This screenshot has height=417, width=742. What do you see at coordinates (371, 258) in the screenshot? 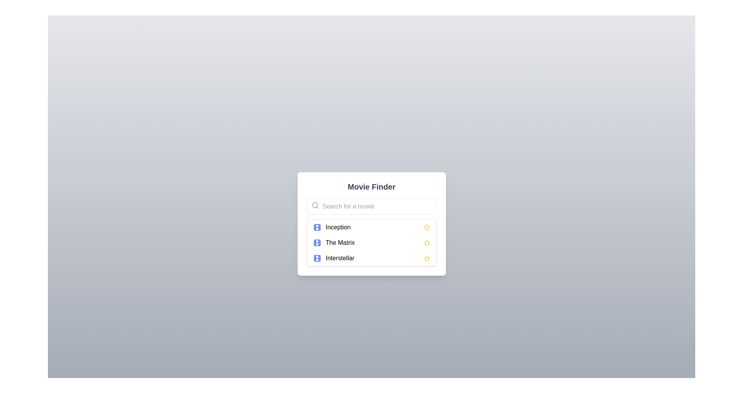
I see `the third list item representing a selectable movie option located below 'Inception' and 'The Matrix'` at bounding box center [371, 258].